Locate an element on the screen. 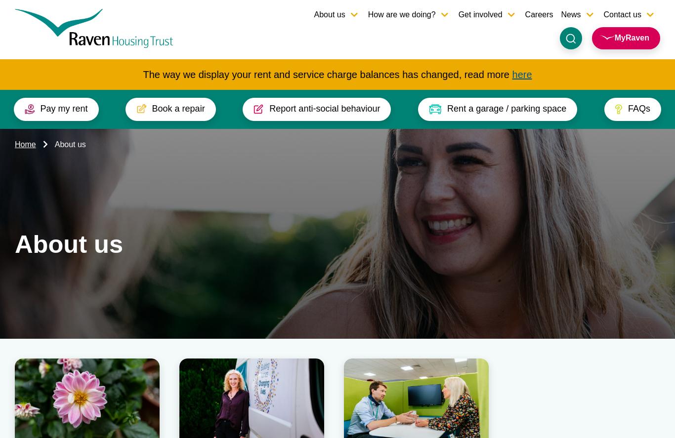 Image resolution: width=675 pixels, height=438 pixels. 'FAQs' is located at coordinates (645, 358).